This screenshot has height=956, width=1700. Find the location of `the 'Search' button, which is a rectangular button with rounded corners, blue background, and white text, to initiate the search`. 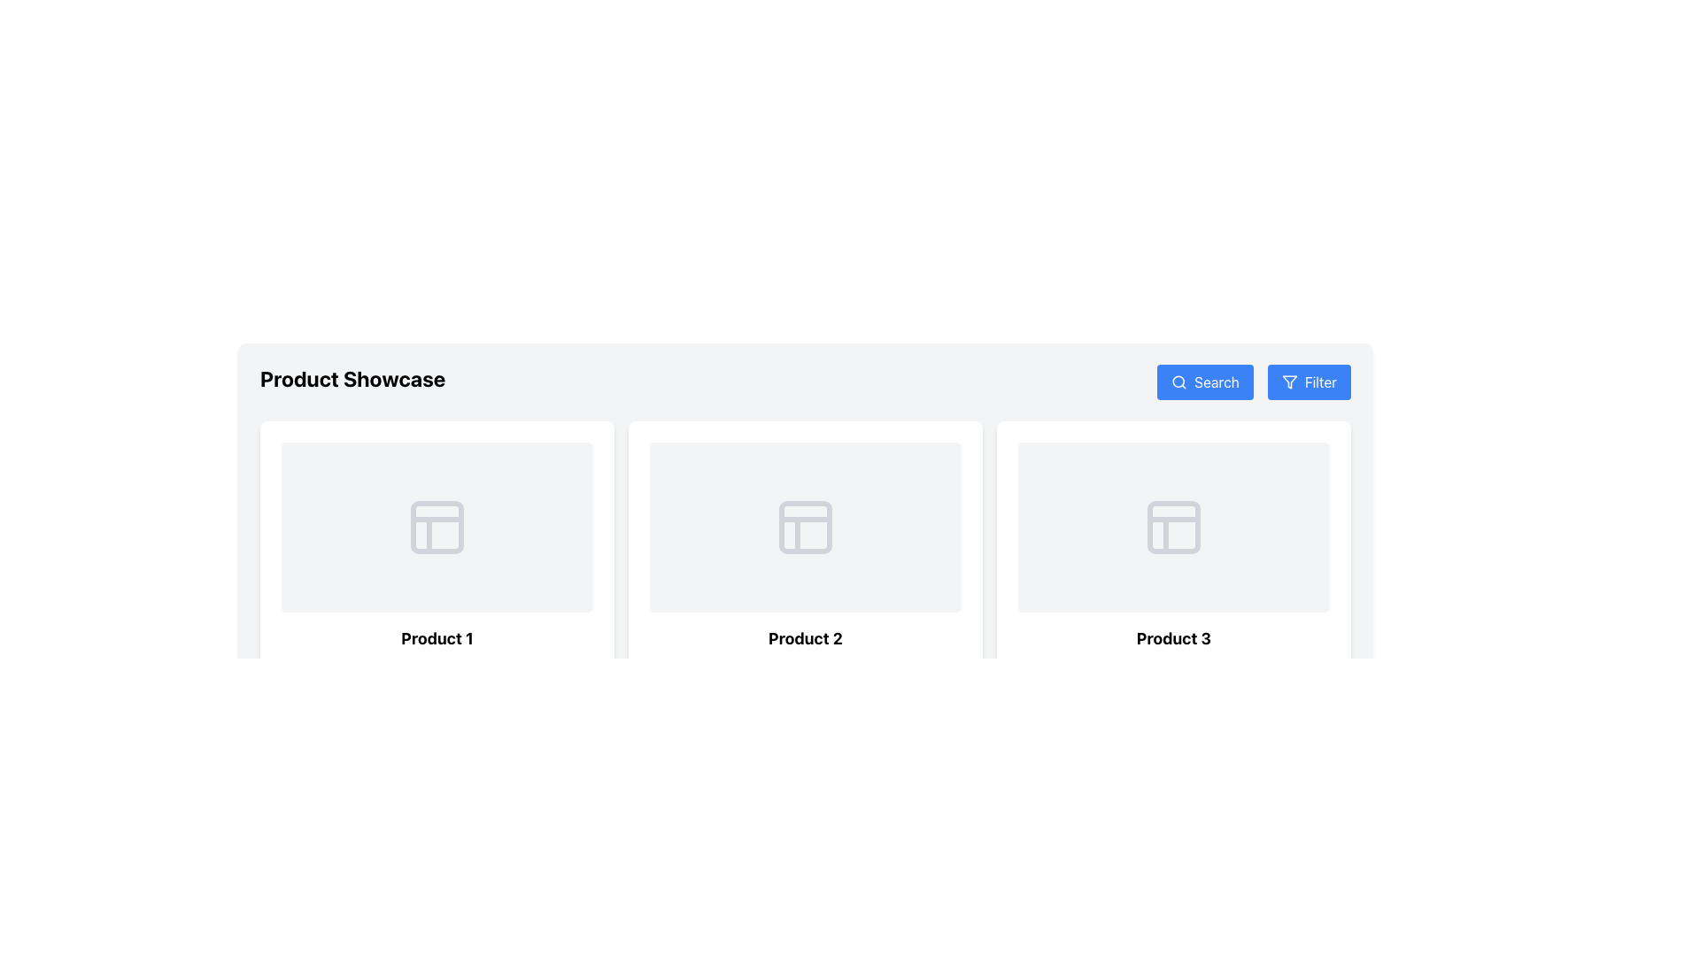

the 'Search' button, which is a rectangular button with rounded corners, blue background, and white text, to initiate the search is located at coordinates (1204, 382).